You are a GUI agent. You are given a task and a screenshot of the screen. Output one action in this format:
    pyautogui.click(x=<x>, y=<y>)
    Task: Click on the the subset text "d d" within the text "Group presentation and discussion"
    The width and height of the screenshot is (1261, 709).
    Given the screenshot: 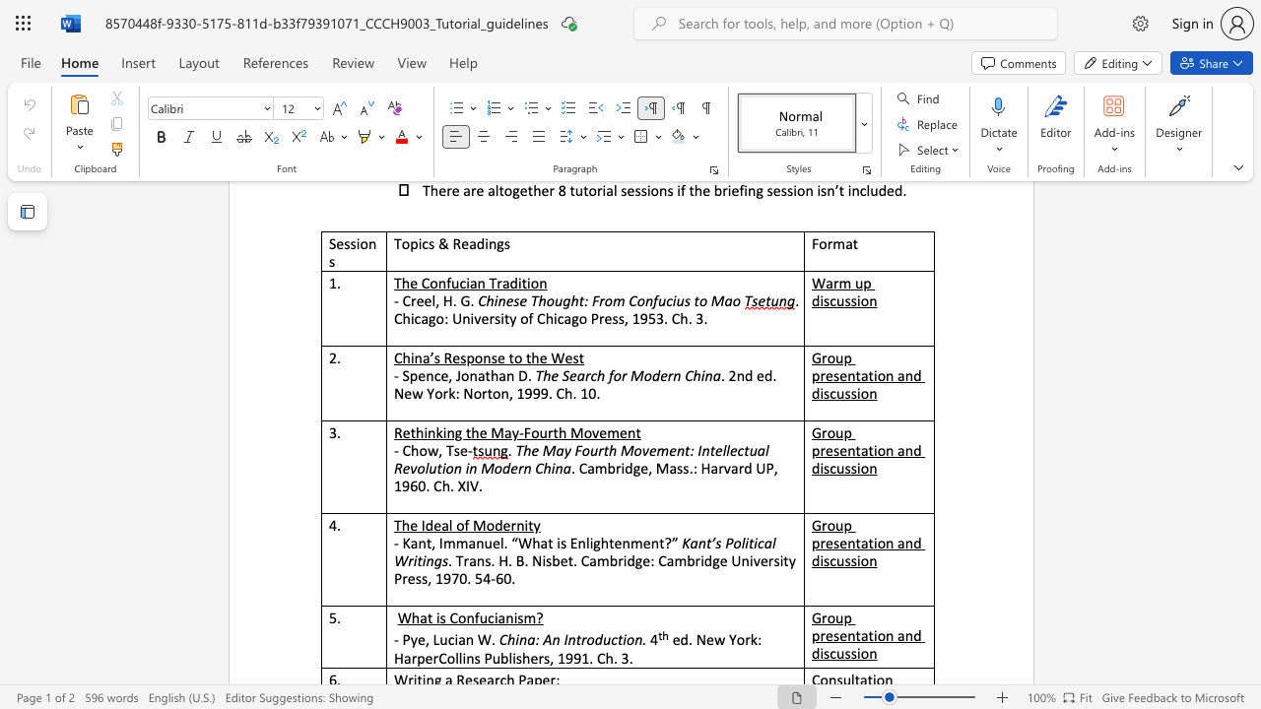 What is the action you would take?
    pyautogui.click(x=912, y=635)
    